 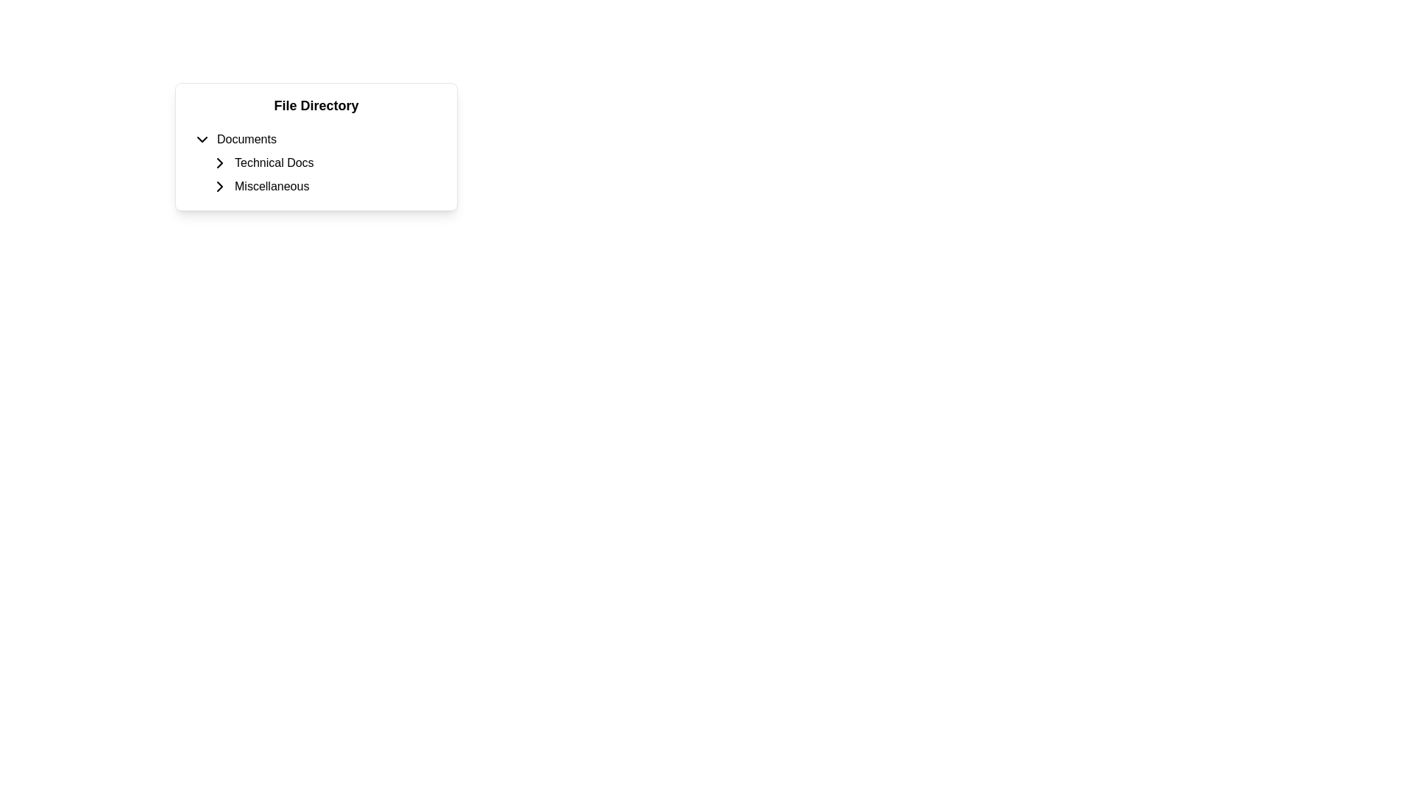 What do you see at coordinates (316, 163) in the screenshot?
I see `the second major grouping item in the hierarchical navigation menu located in the 'File Directory' box` at bounding box center [316, 163].